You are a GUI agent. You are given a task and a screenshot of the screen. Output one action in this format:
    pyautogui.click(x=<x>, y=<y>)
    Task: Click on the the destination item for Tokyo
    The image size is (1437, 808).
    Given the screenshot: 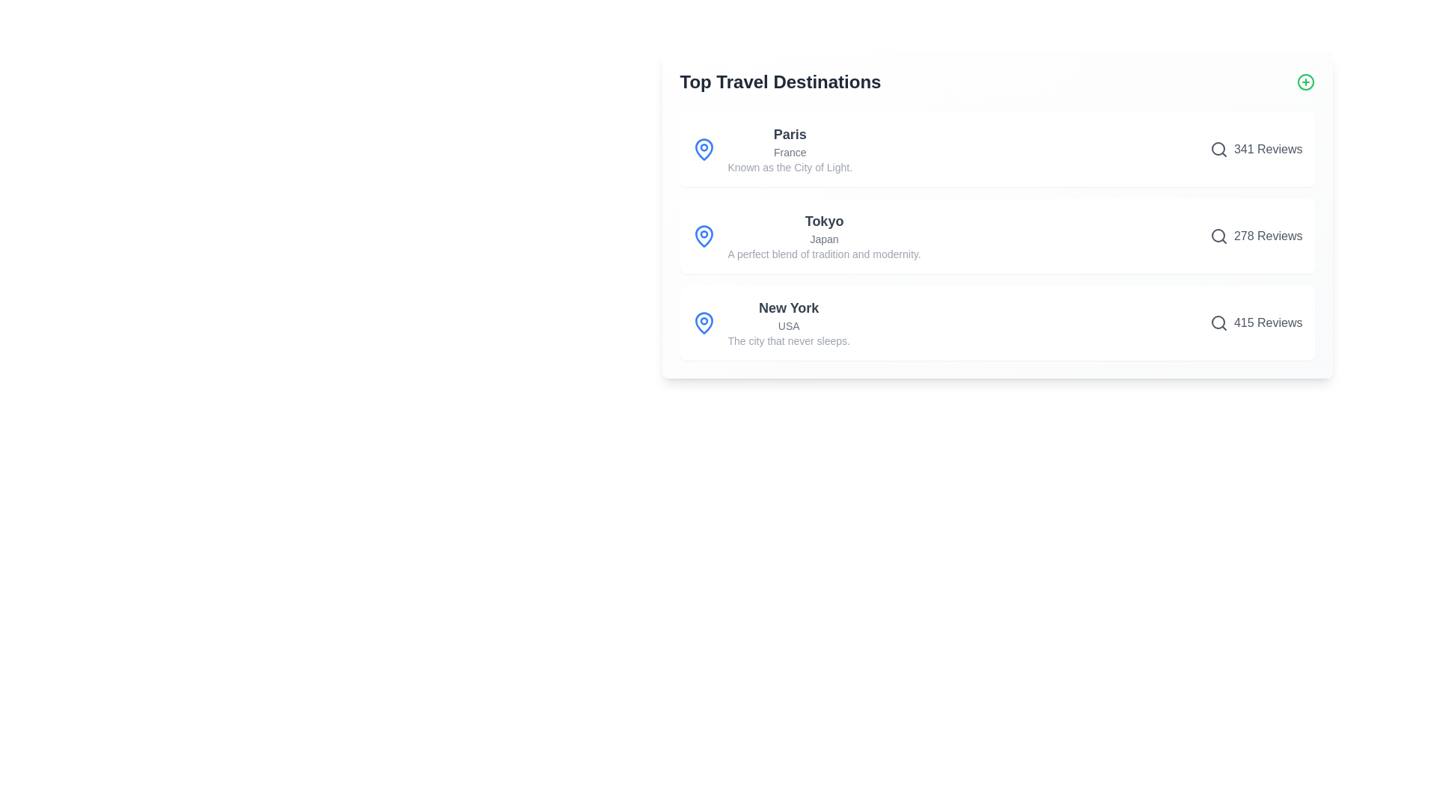 What is the action you would take?
    pyautogui.click(x=997, y=236)
    